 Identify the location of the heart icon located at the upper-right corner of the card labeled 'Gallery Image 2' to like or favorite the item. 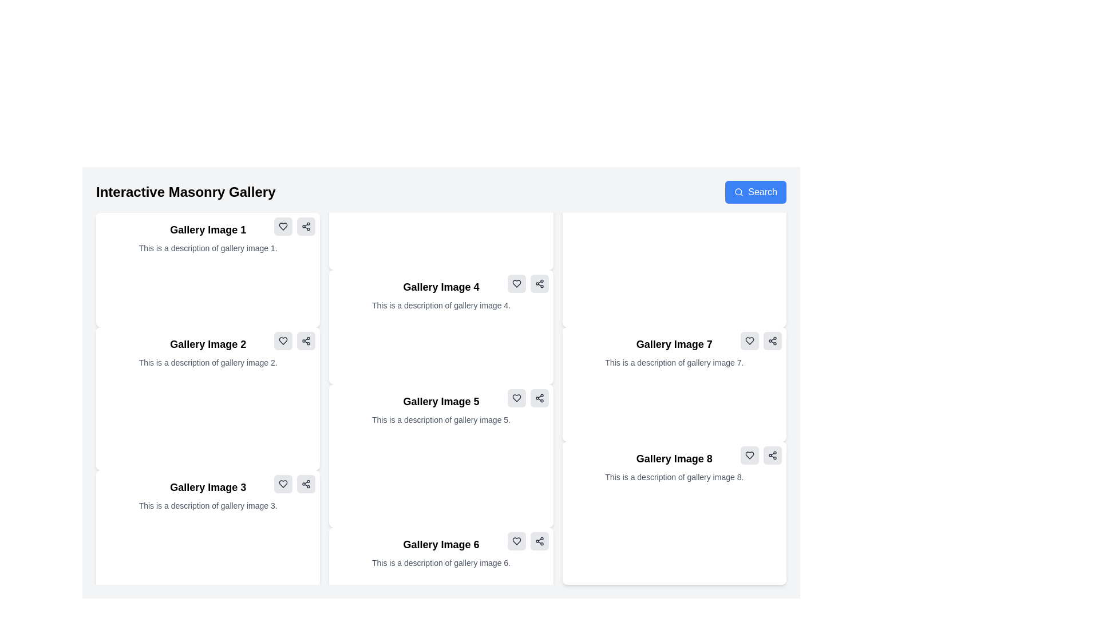
(283, 340).